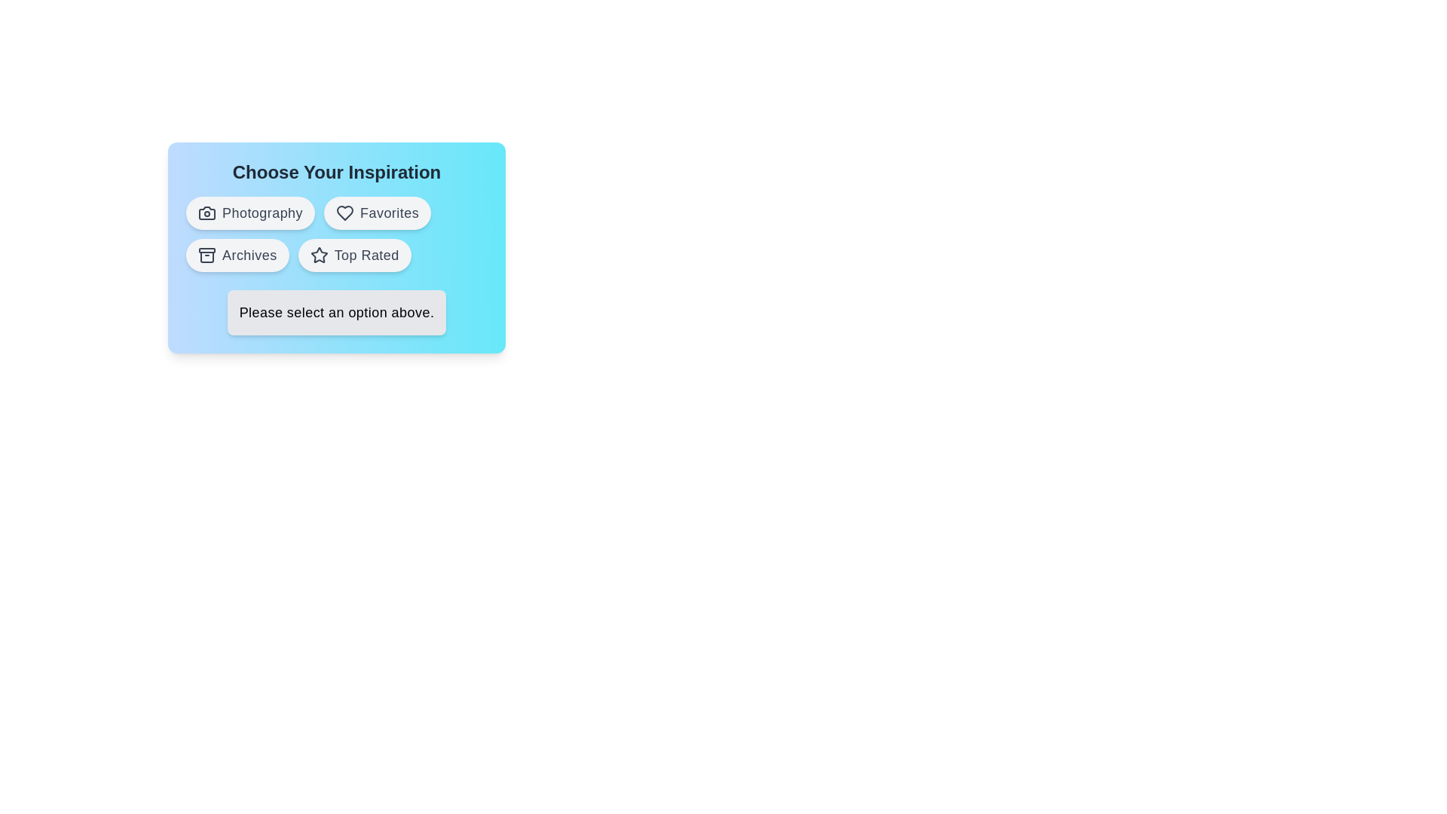  Describe the element at coordinates (206, 256) in the screenshot. I see `the 'Archives' button which features a minimalist archive box icon, located in the bottom-left part of the top button row of the 'Choose Your Inspiration' selection interface` at that location.